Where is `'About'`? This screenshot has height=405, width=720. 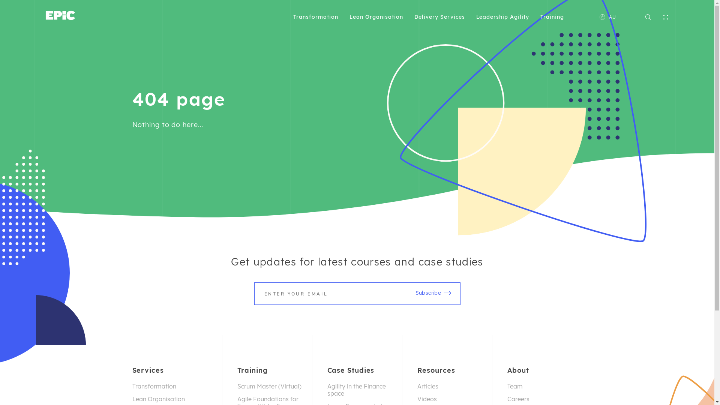 'About' is located at coordinates (544, 370).